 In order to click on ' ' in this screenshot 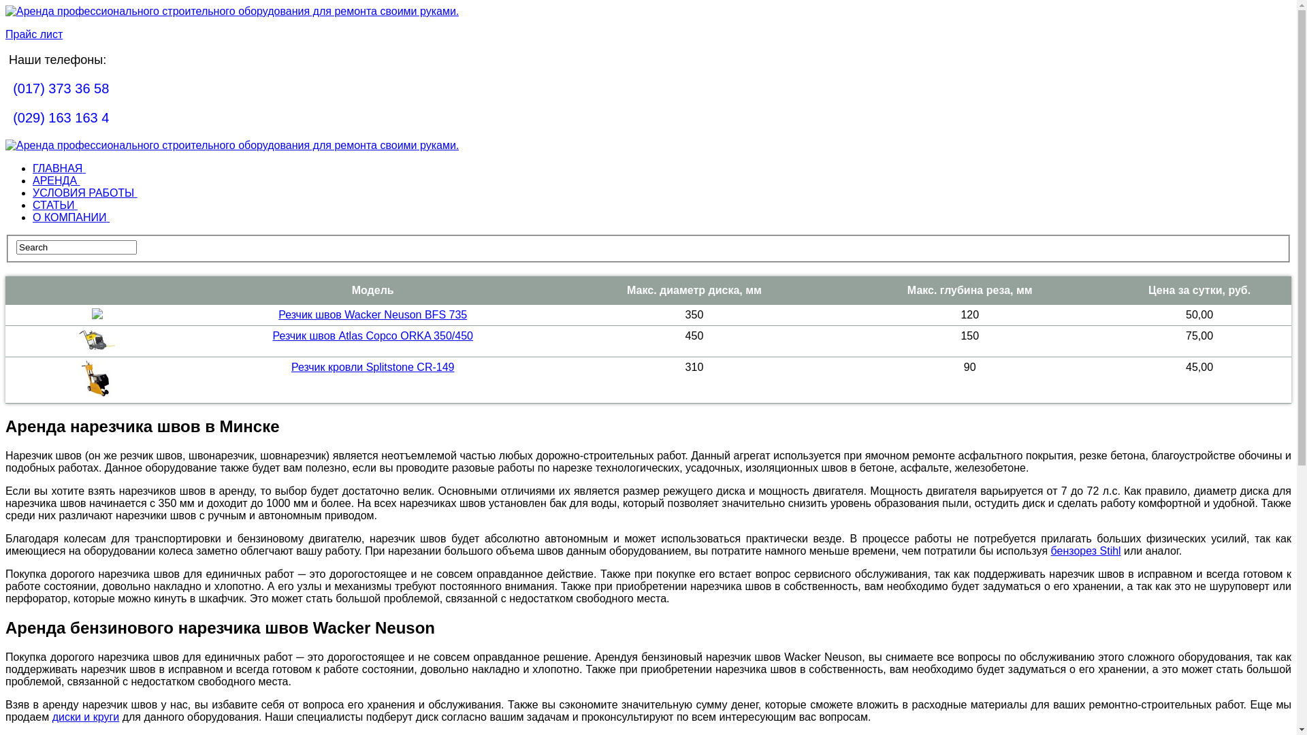, I will do `click(5, 117)`.